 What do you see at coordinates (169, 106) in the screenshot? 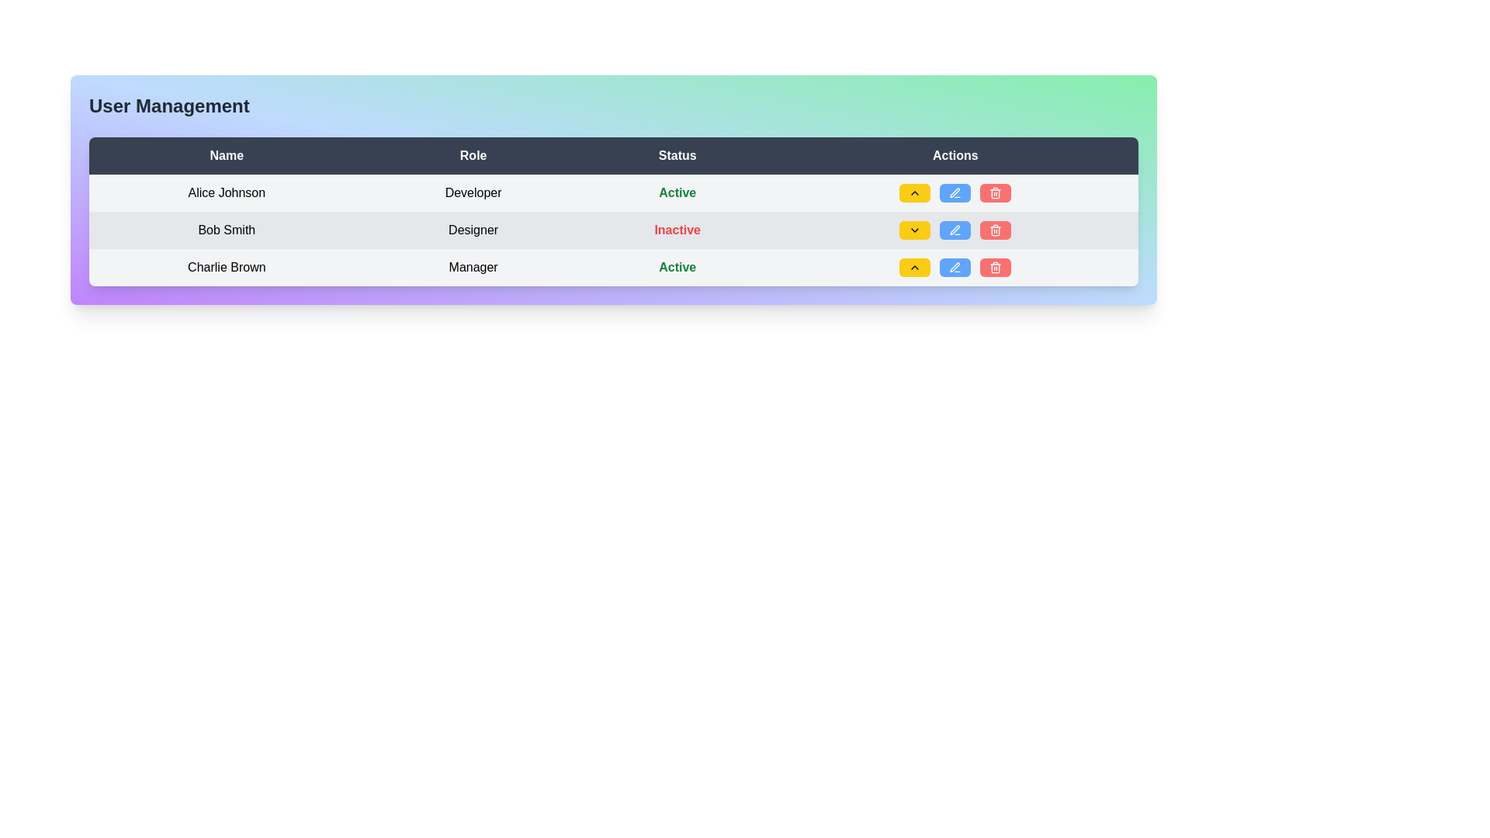
I see `title text indicating user management, positioned at the top left of the page above the user information table` at bounding box center [169, 106].